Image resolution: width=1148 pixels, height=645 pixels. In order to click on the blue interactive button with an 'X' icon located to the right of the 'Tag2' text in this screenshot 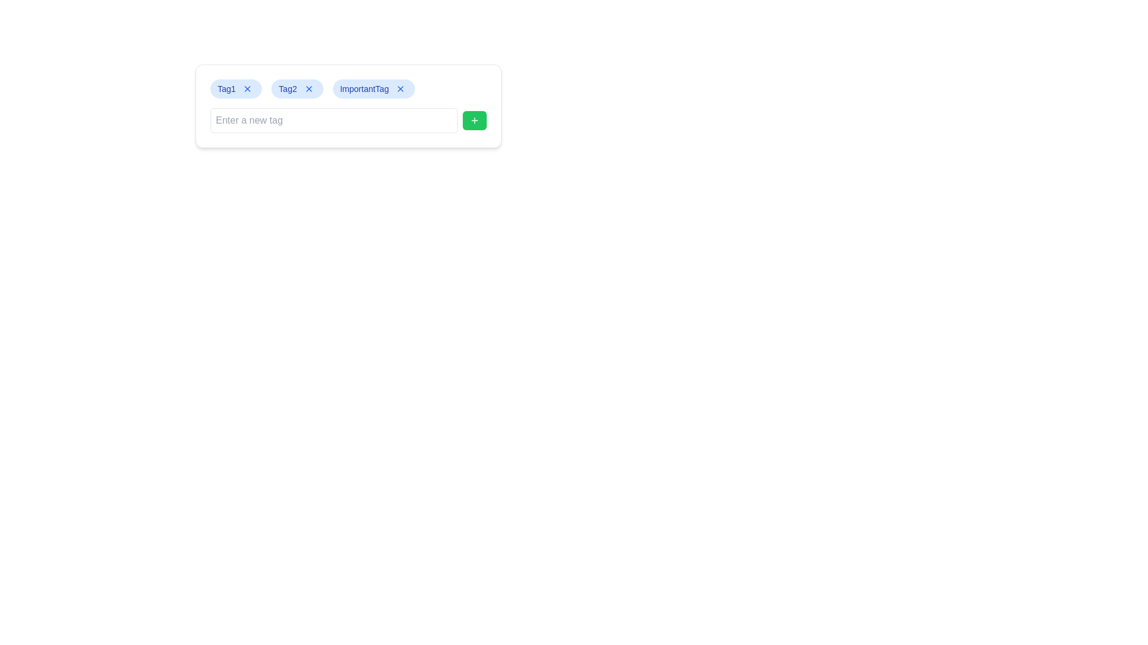, I will do `click(309, 88)`.